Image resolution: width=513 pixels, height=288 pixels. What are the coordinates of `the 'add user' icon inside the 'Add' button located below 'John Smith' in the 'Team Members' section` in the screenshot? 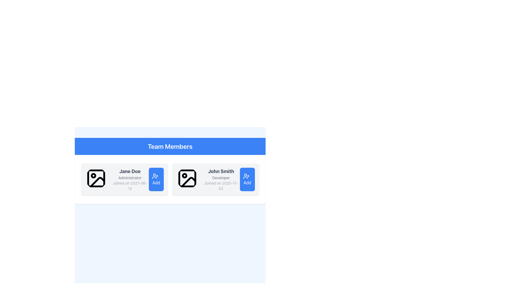 It's located at (246, 176).